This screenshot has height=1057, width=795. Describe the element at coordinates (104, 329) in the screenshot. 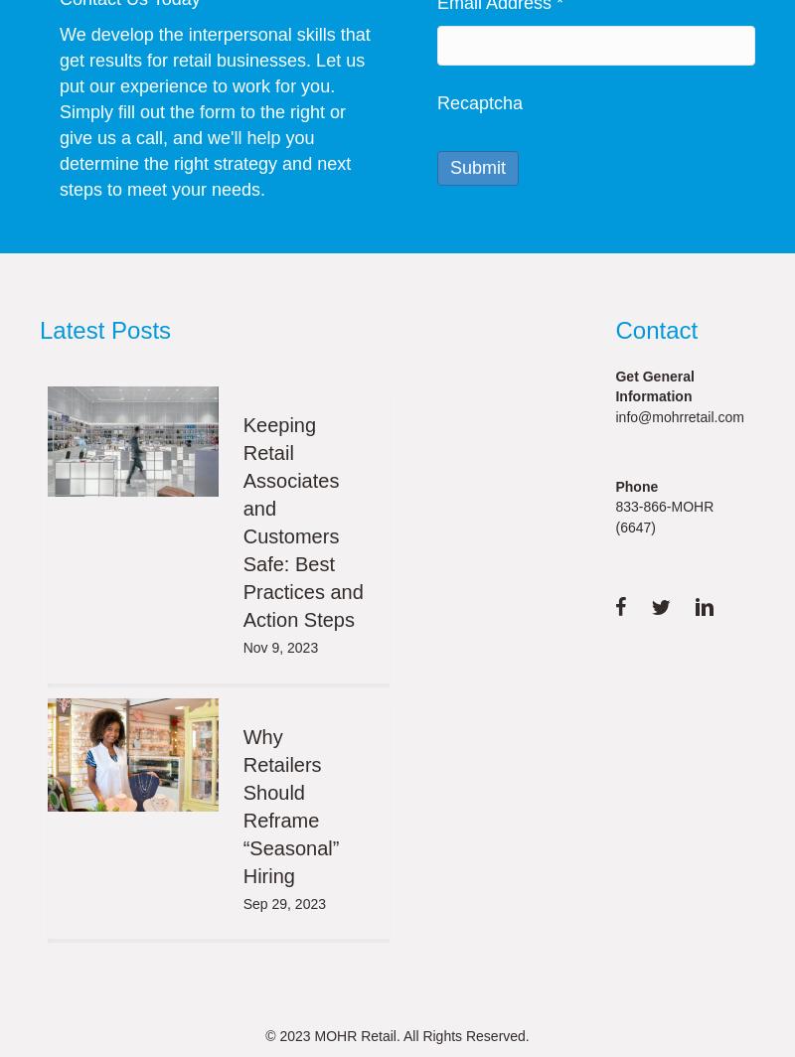

I see `'Latest Posts'` at that location.